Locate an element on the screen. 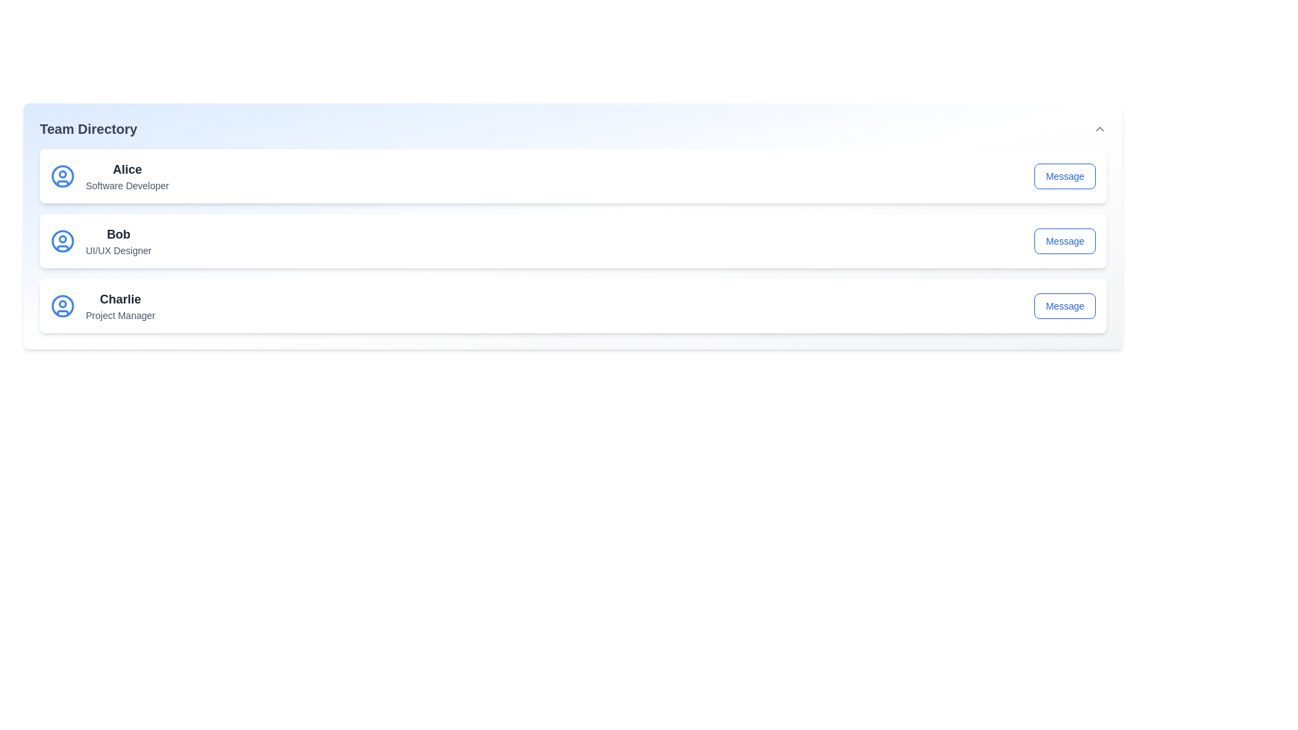 The height and width of the screenshot is (730, 1298). the text label displaying the name 'Charlie', which is styled in a larger font size and bold weight, to possibly see a tooltip or effects is located at coordinates (120, 299).